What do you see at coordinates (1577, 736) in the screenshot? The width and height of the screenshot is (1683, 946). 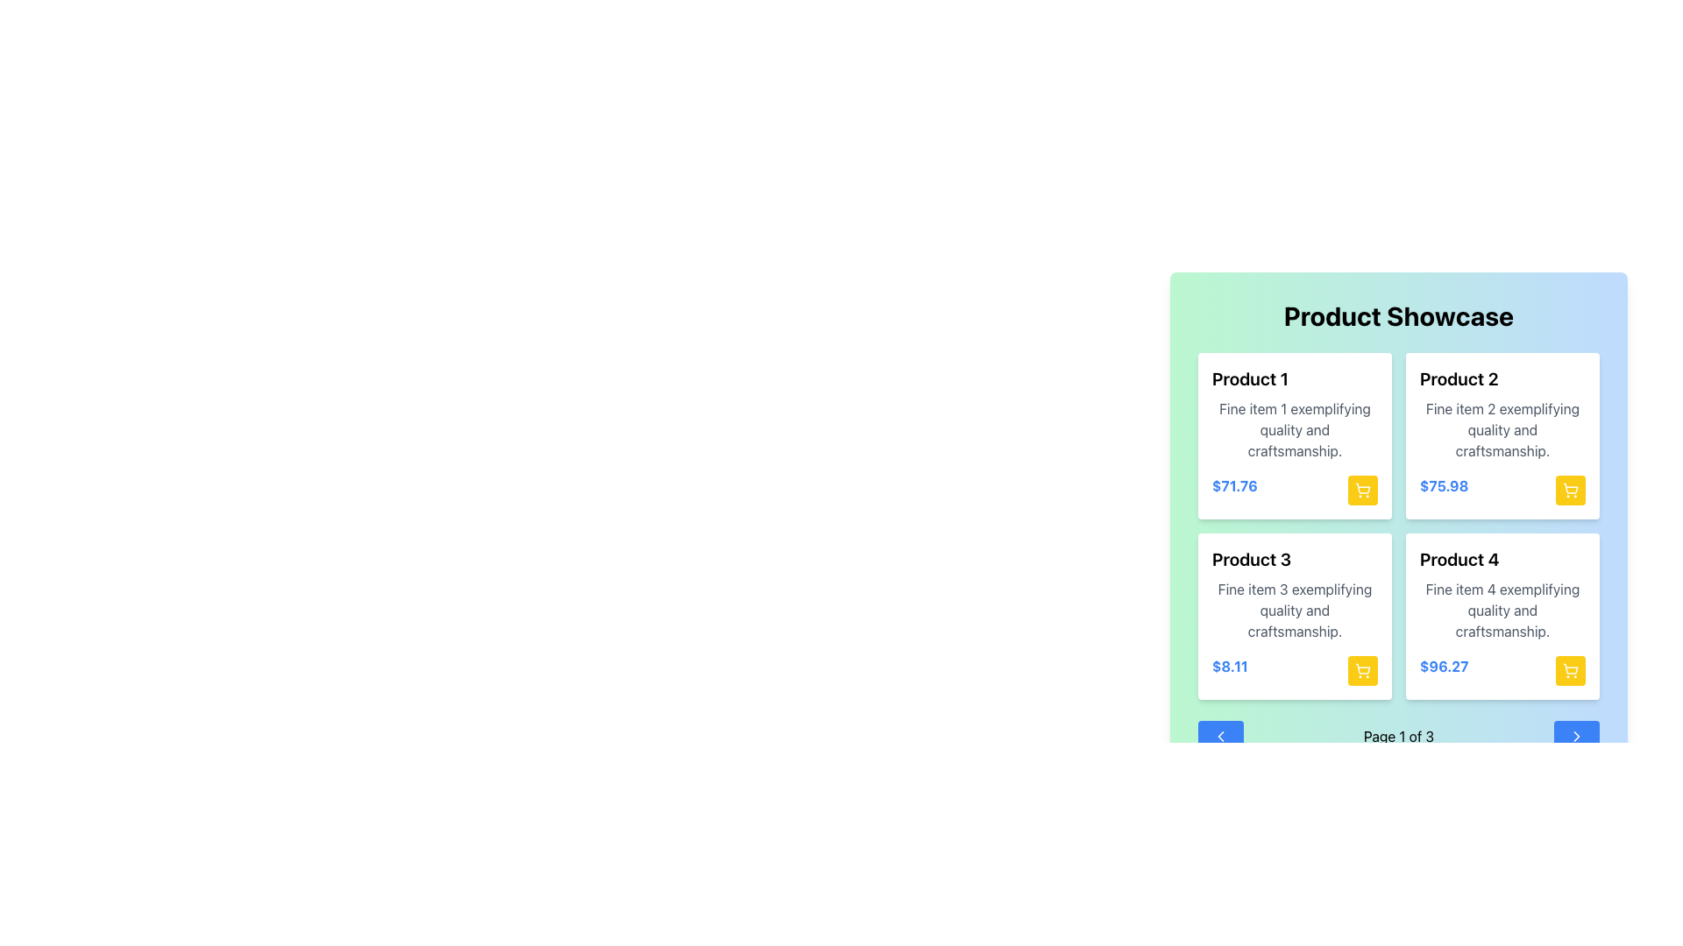 I see `the right-facing chevron icon button with a blue background and white arrow lines, located at the bottom-right corner of the interface` at bounding box center [1577, 736].